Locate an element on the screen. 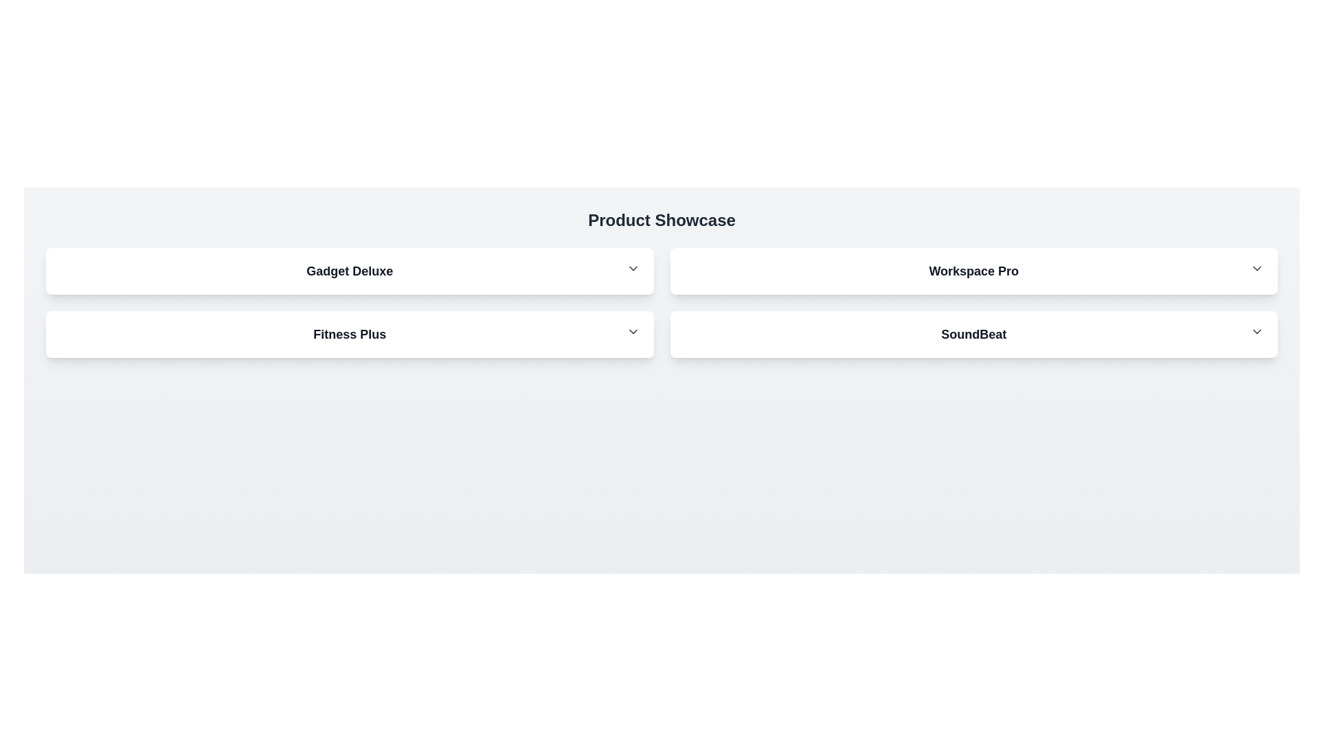 Image resolution: width=1319 pixels, height=742 pixels. the dropdown indicator icon located at the top-right corner of the 'Gadget Deluxe' card is located at coordinates (632, 268).